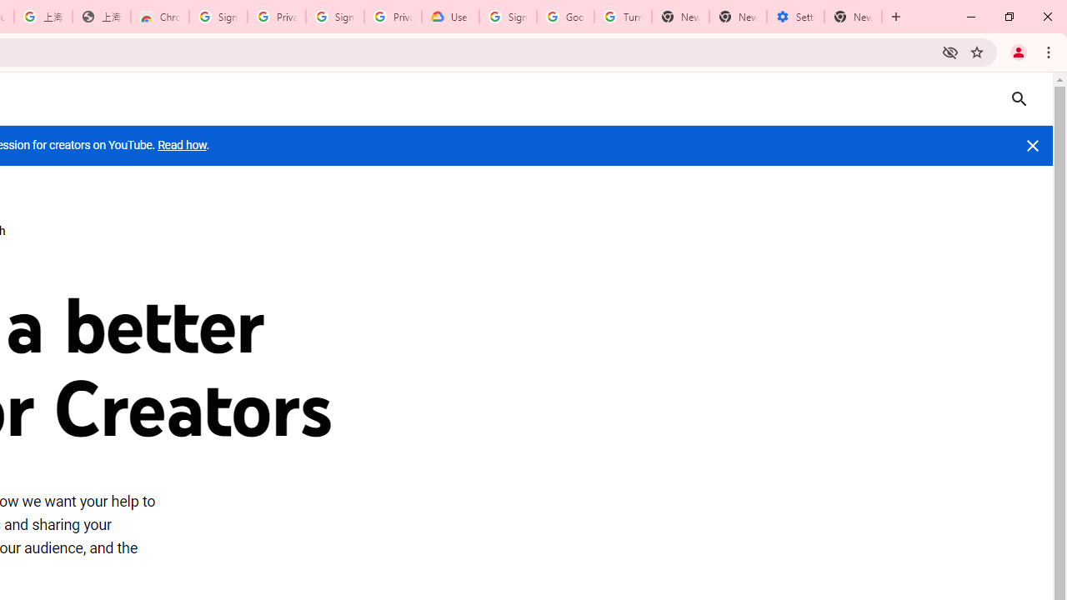 Image resolution: width=1067 pixels, height=600 pixels. Describe the element at coordinates (622, 17) in the screenshot. I see `'Turn cookies on or off - Computer - Google Account Help'` at that location.